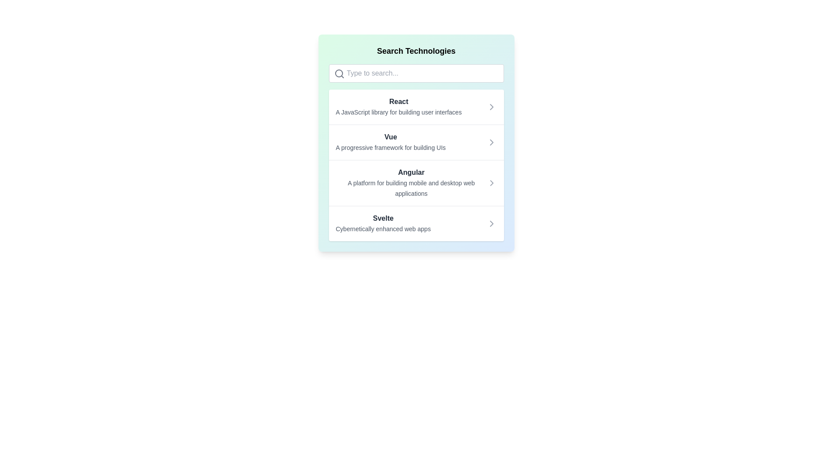 The image size is (840, 472). Describe the element at coordinates (416, 142) in the screenshot. I see `the 'Vue' button-like list item to interact with it using the keyboard` at that location.